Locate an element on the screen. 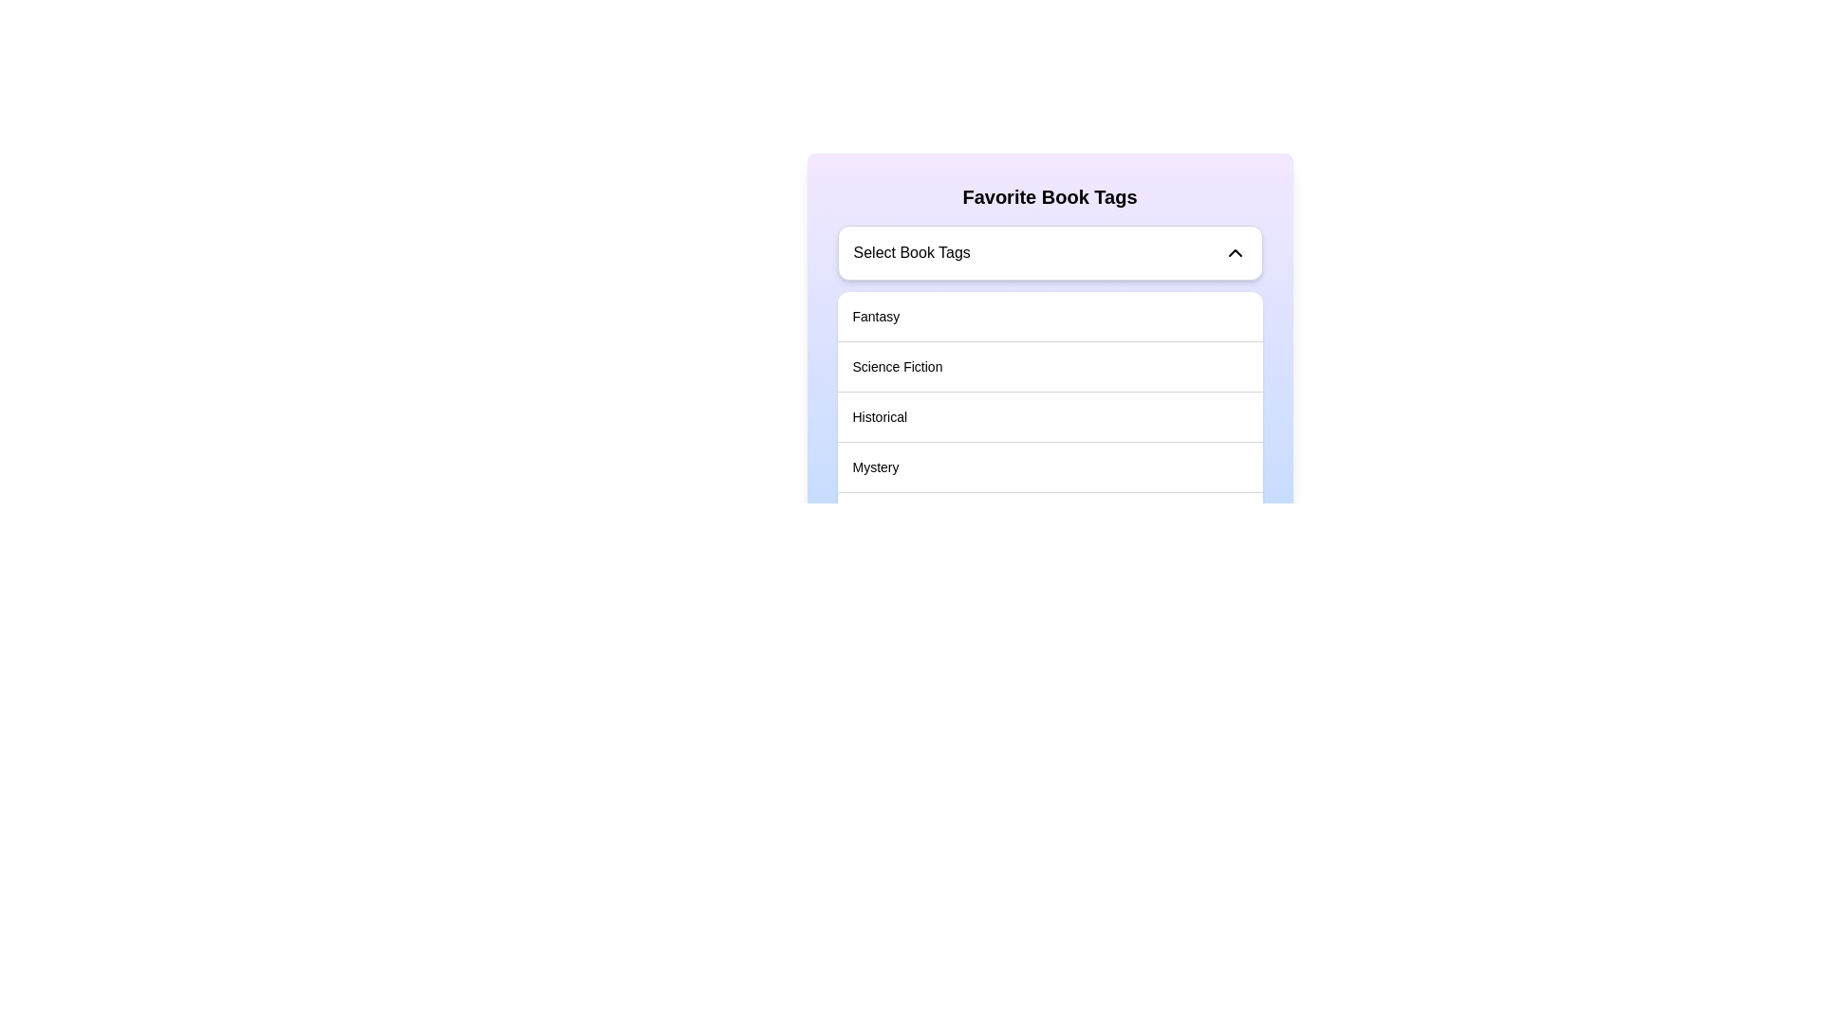 The width and height of the screenshot is (1822, 1024). to select the 'Historical' option from the dropdown menu in the 'Favorite Book Tags' dialog, which is the third item in a vertically stacked list is located at coordinates (879, 415).